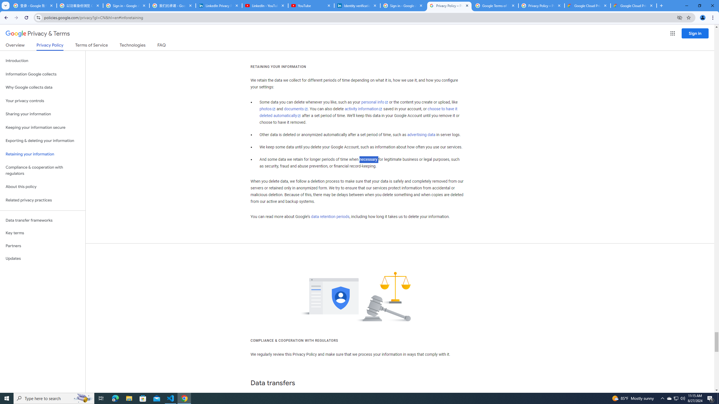 The width and height of the screenshot is (719, 404). What do you see at coordinates (403, 5) in the screenshot?
I see `'Sign in - Google Accounts'` at bounding box center [403, 5].